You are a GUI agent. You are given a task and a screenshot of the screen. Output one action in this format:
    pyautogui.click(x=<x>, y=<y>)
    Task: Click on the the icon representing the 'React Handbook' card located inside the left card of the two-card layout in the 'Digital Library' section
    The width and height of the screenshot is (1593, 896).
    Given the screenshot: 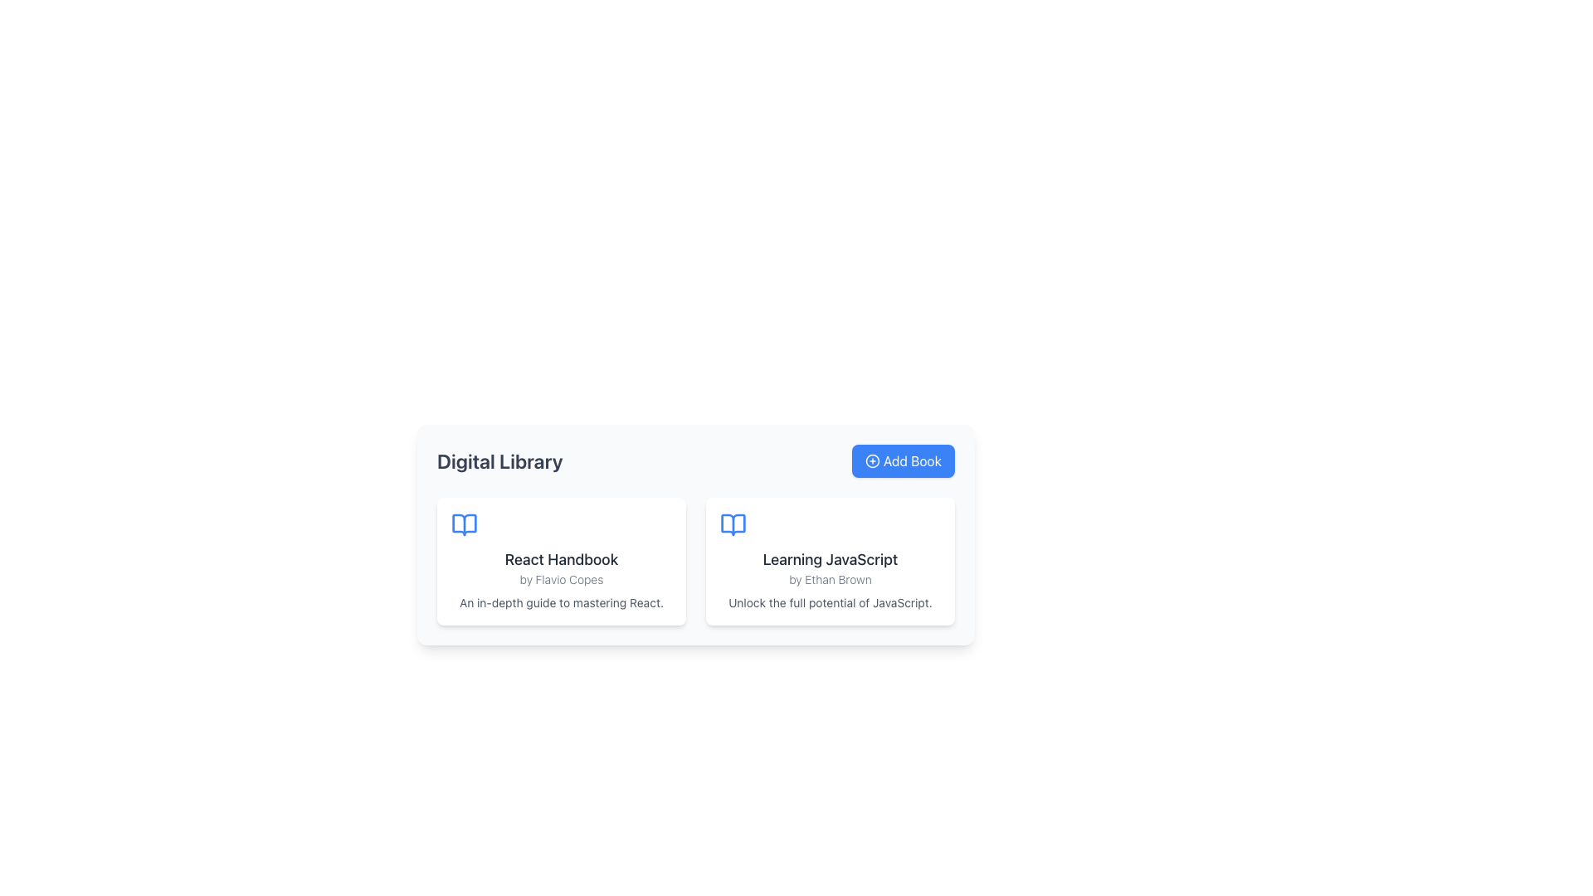 What is the action you would take?
    pyautogui.click(x=465, y=524)
    